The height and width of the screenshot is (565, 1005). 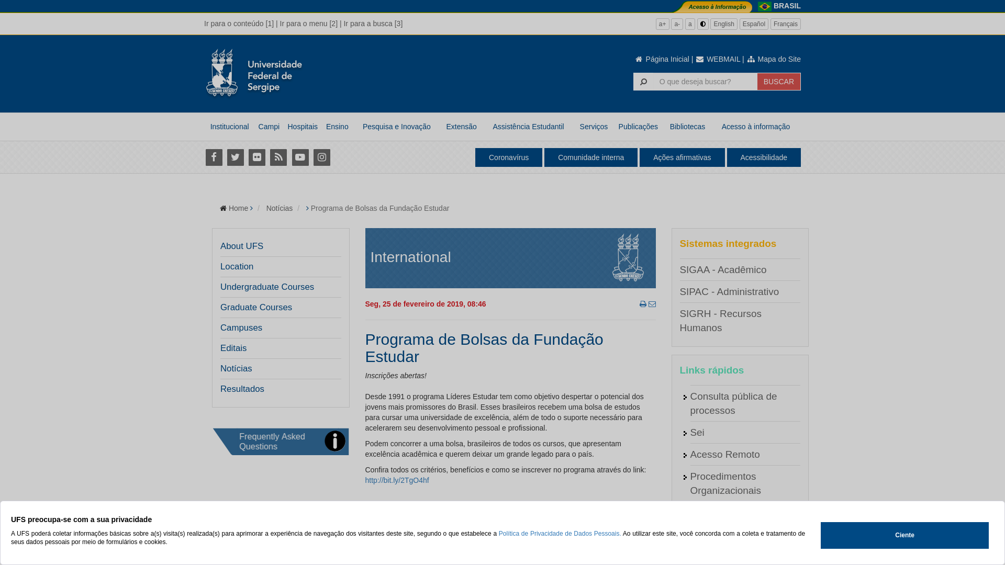 What do you see at coordinates (690, 24) in the screenshot?
I see `'a'` at bounding box center [690, 24].